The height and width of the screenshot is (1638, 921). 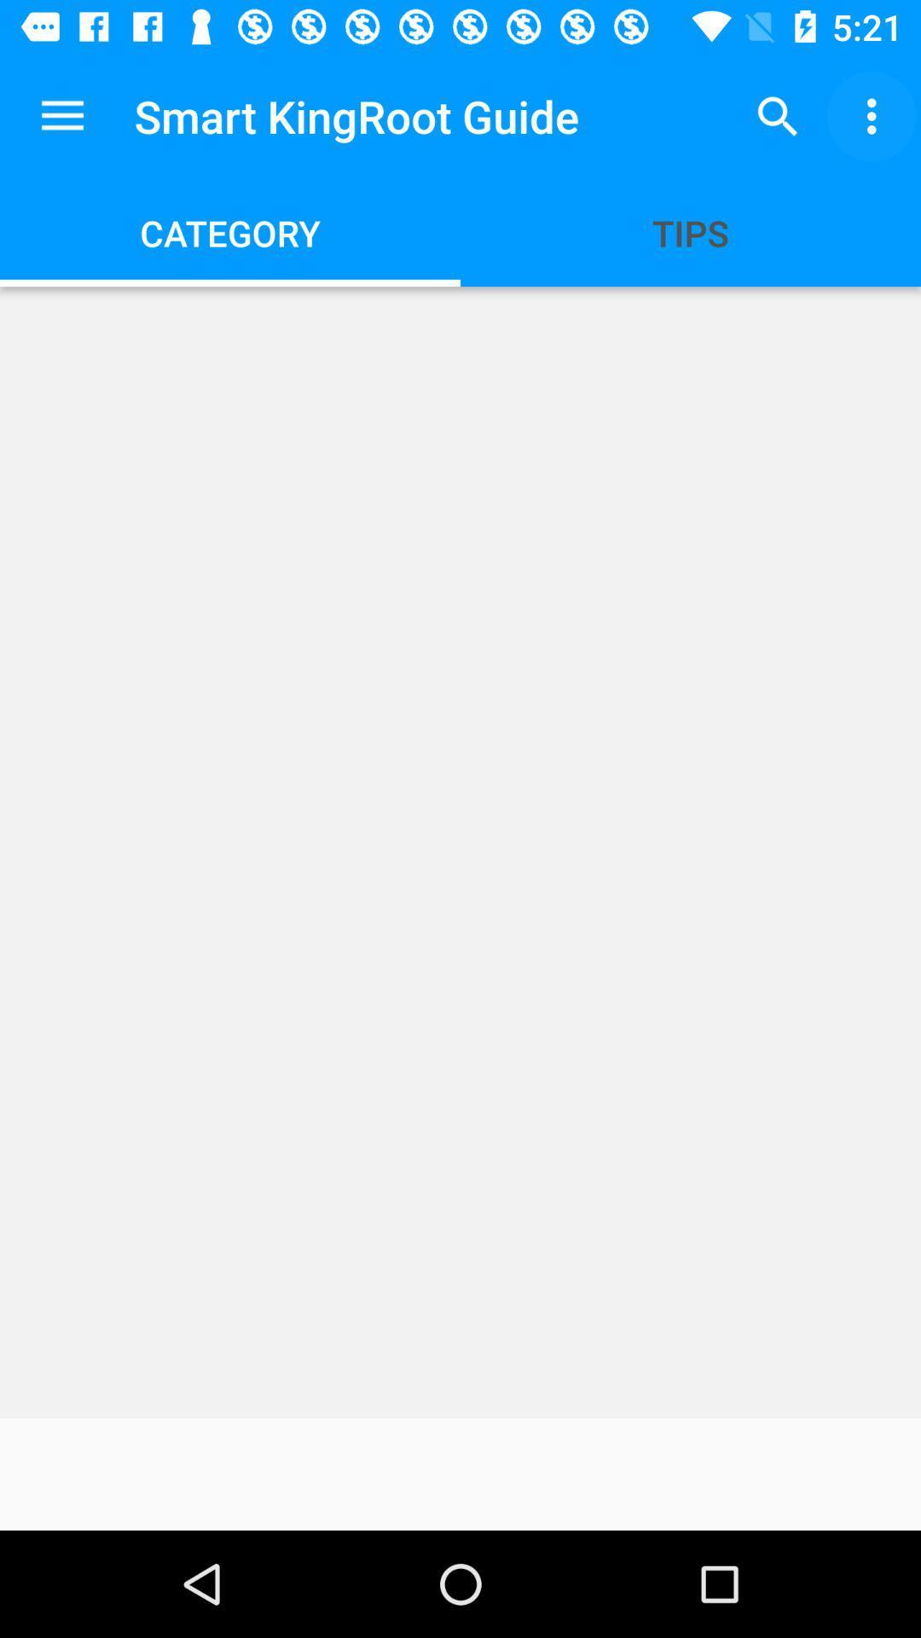 I want to click on item next to smart kingroot guide, so click(x=777, y=115).